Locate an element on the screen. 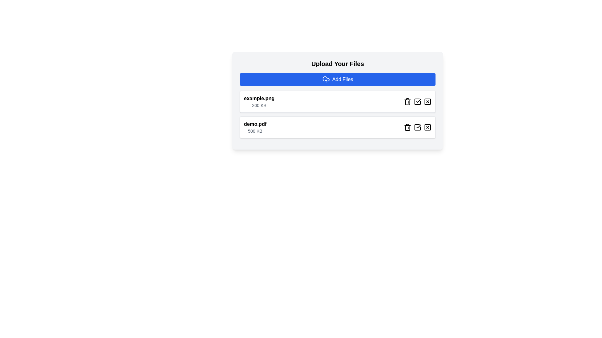  the text display that shows '200 KB', which is styled with a small font size and gray color, located below 'example.png' is located at coordinates (259, 105).